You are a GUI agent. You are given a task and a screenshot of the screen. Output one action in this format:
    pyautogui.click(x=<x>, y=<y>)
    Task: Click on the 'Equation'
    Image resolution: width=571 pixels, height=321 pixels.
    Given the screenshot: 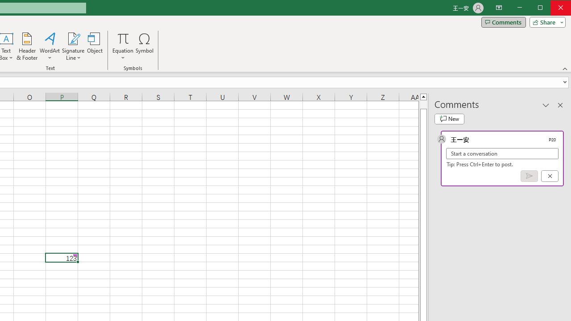 What is the action you would take?
    pyautogui.click(x=122, y=38)
    